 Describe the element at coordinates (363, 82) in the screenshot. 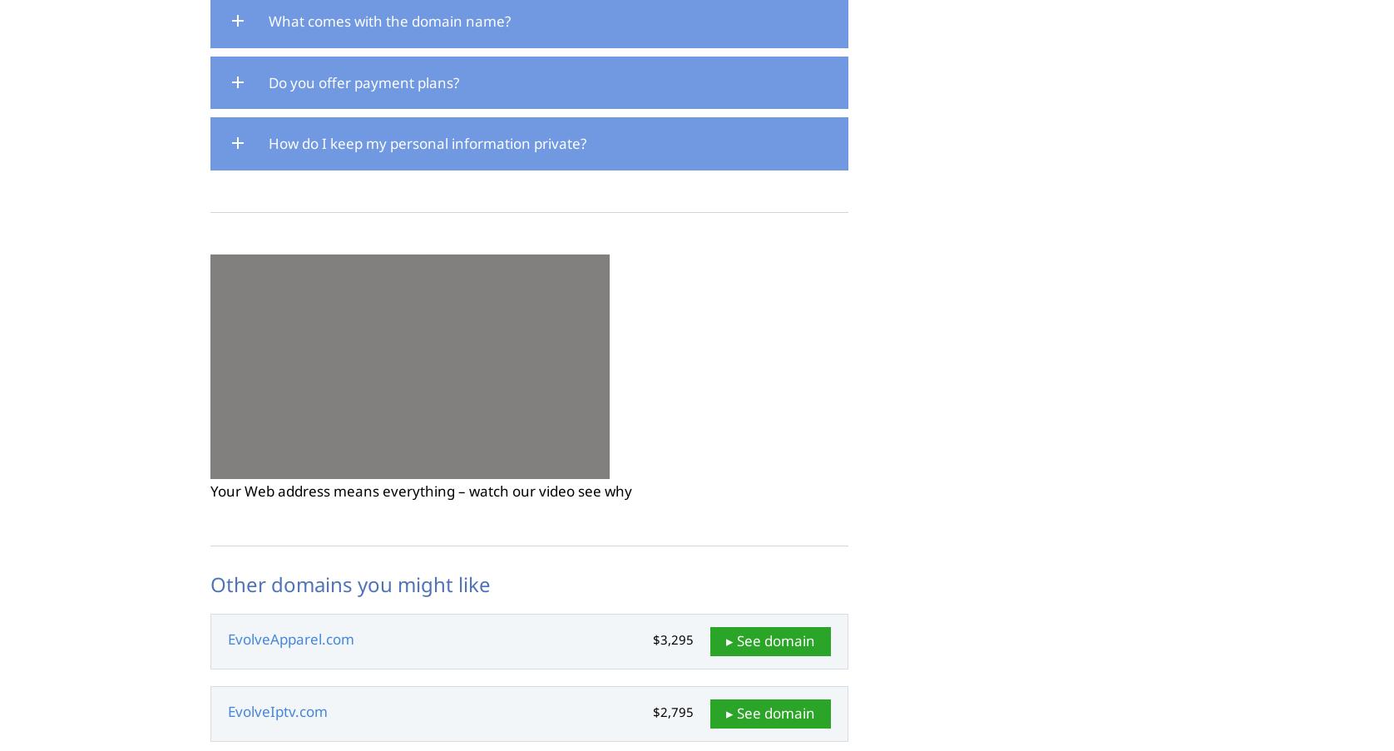

I see `'Do you offer payment plans?'` at that location.